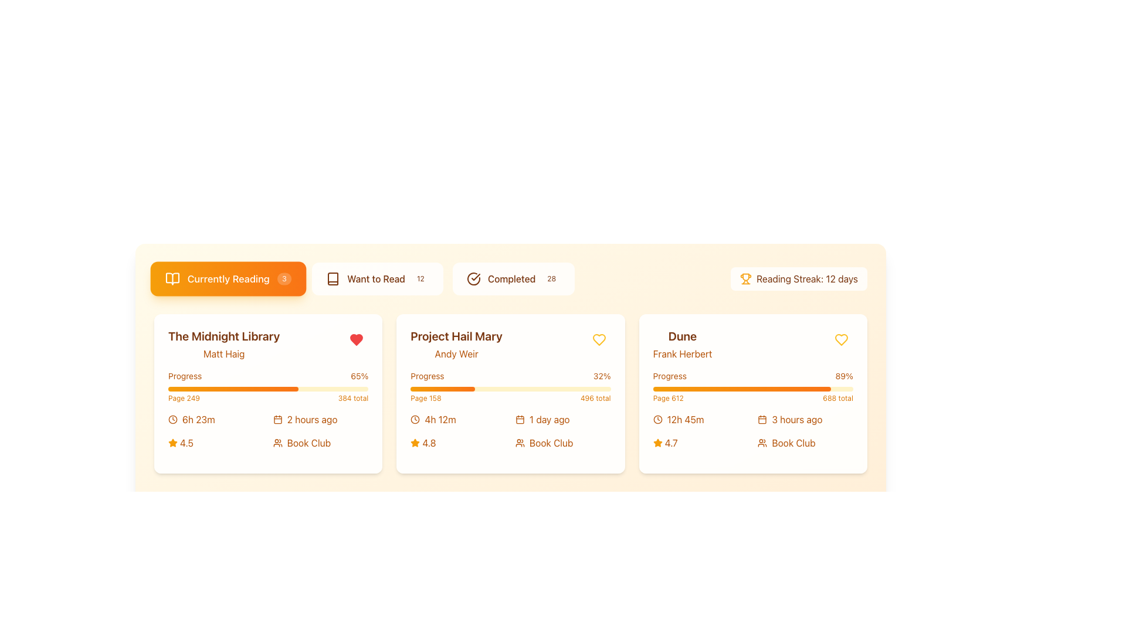  I want to click on the calendar icon located to the left of the text '3 hours ago' in the lower section of the 'Dune' book card, so click(762, 419).